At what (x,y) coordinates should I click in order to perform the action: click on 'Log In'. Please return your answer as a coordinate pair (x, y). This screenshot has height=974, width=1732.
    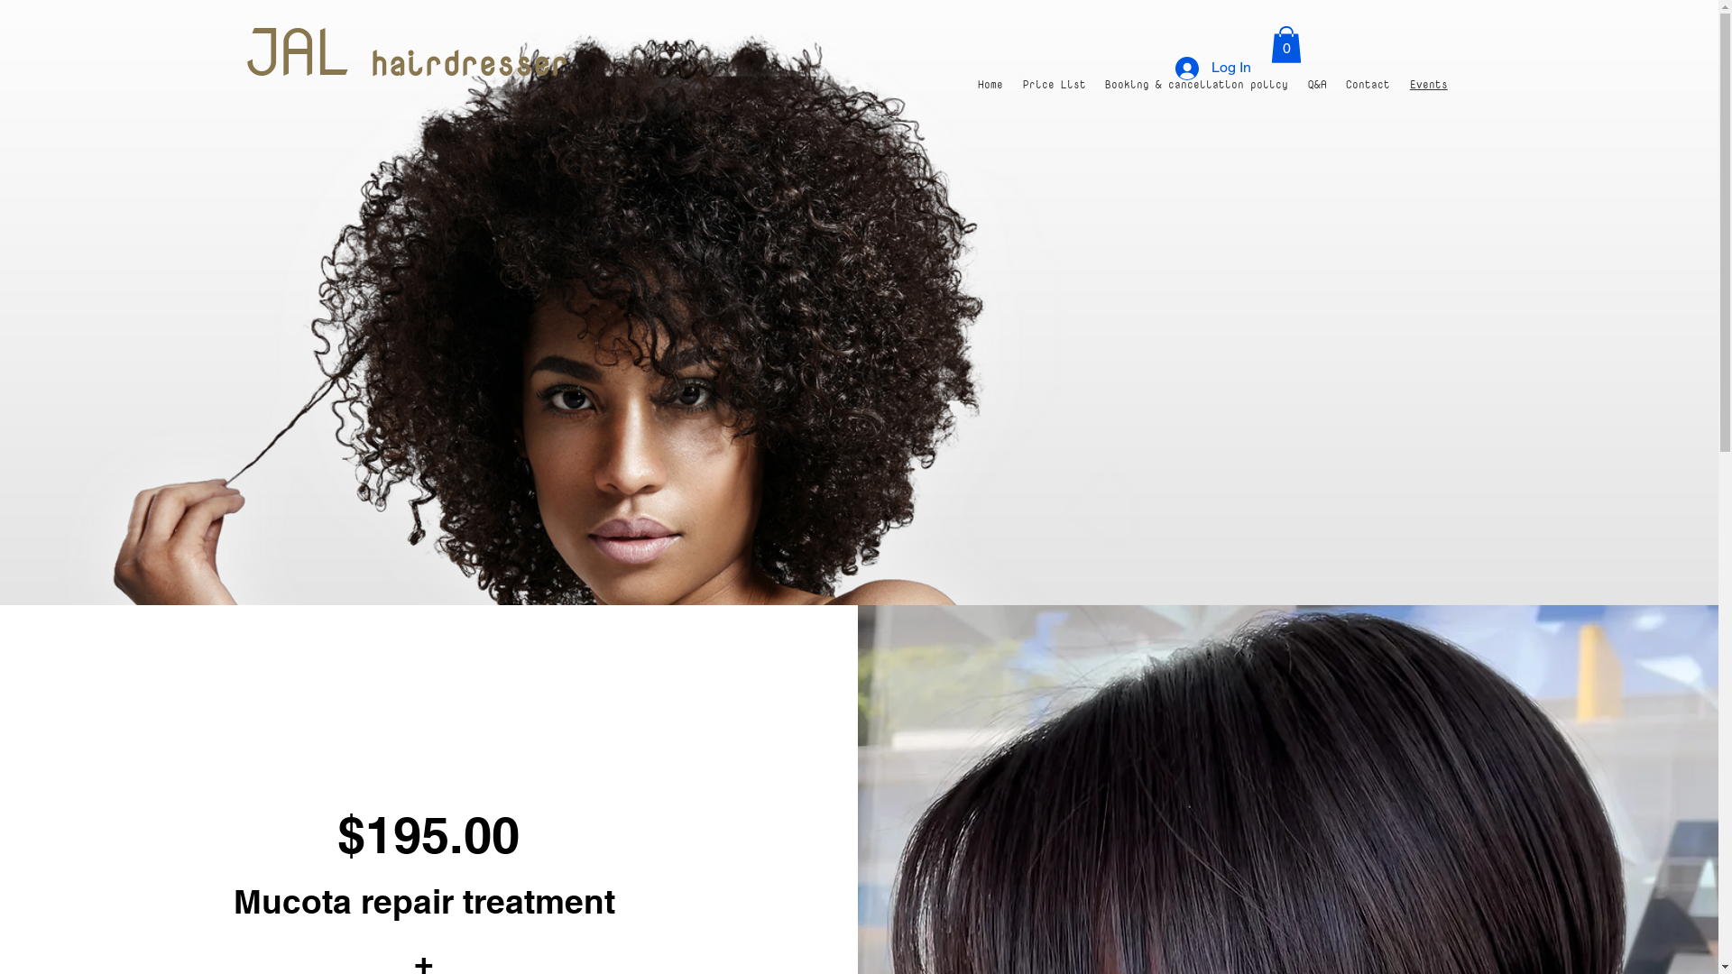
    Looking at the image, I should click on (1212, 68).